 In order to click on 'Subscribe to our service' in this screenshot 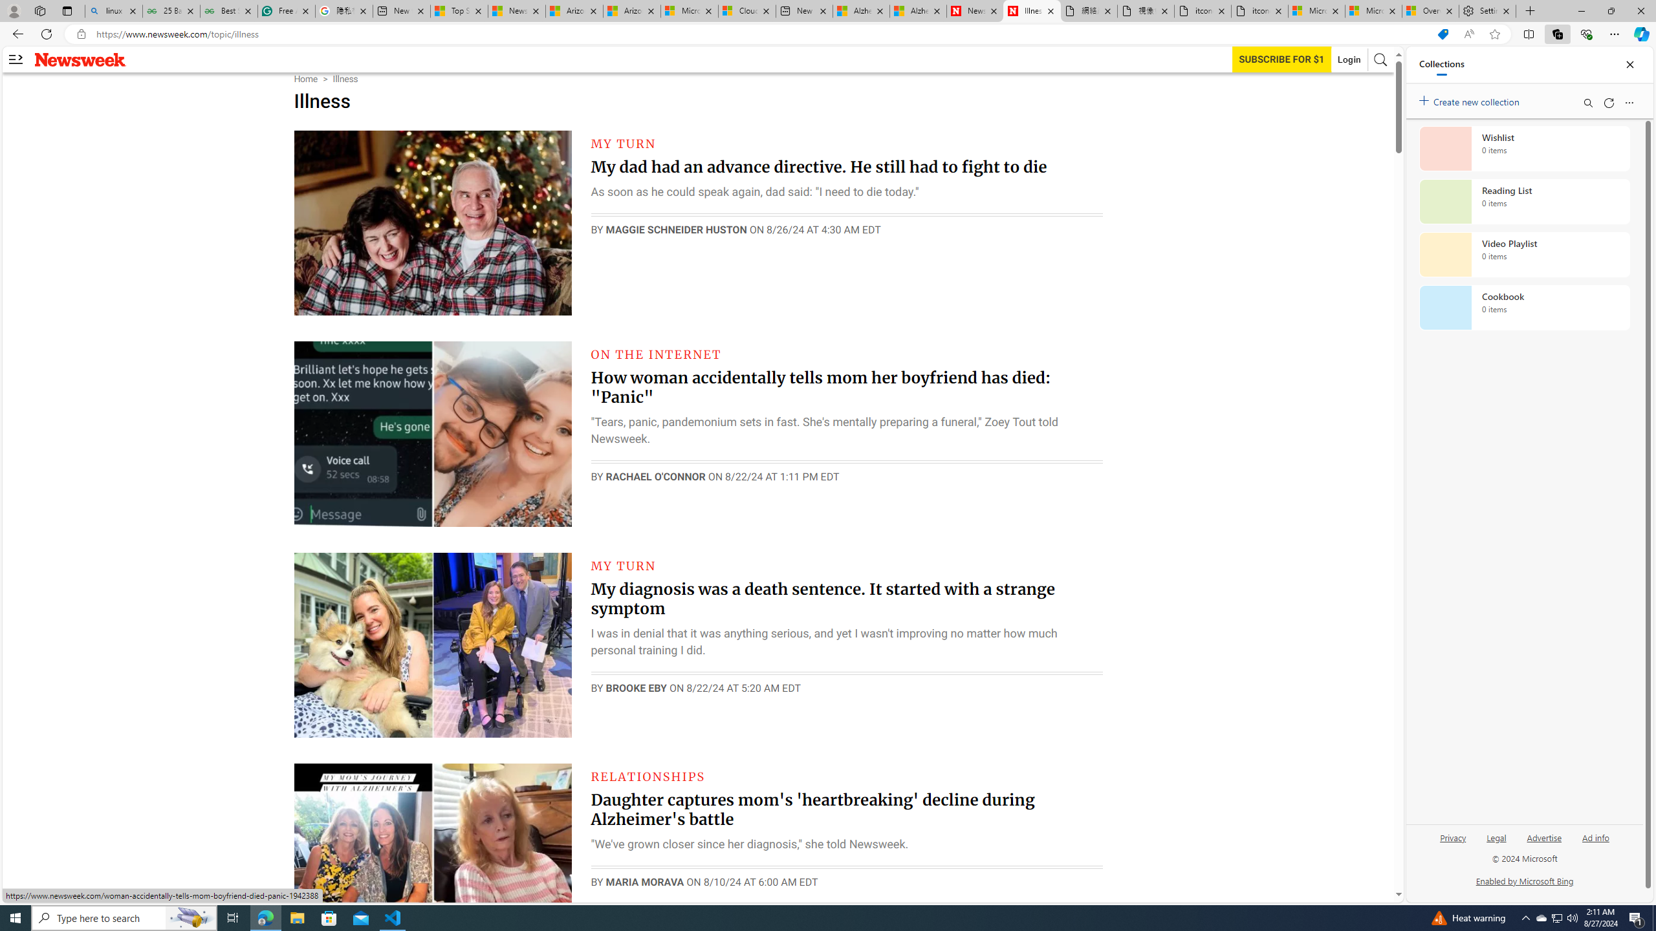, I will do `click(1281, 59)`.